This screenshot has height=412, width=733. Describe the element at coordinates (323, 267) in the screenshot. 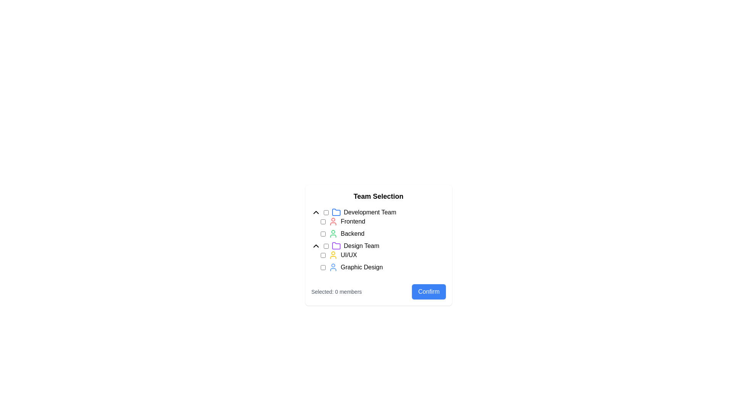

I see `the checkbox` at that location.